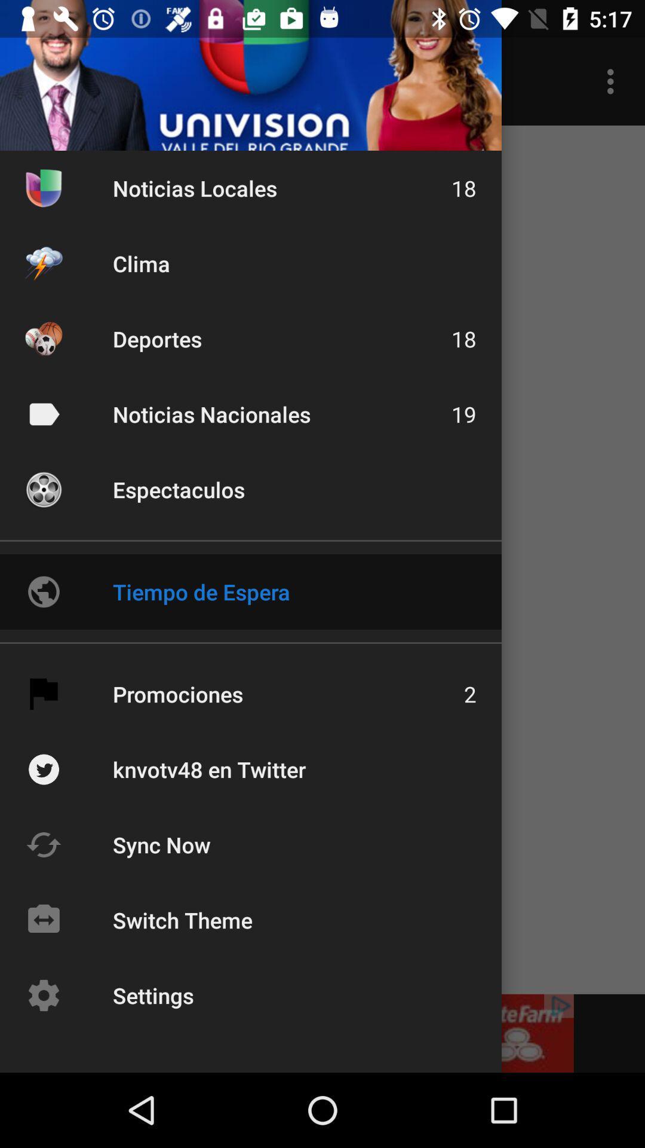 The image size is (645, 1148). Describe the element at coordinates (43, 338) in the screenshot. I see `the icon left to deportes` at that location.